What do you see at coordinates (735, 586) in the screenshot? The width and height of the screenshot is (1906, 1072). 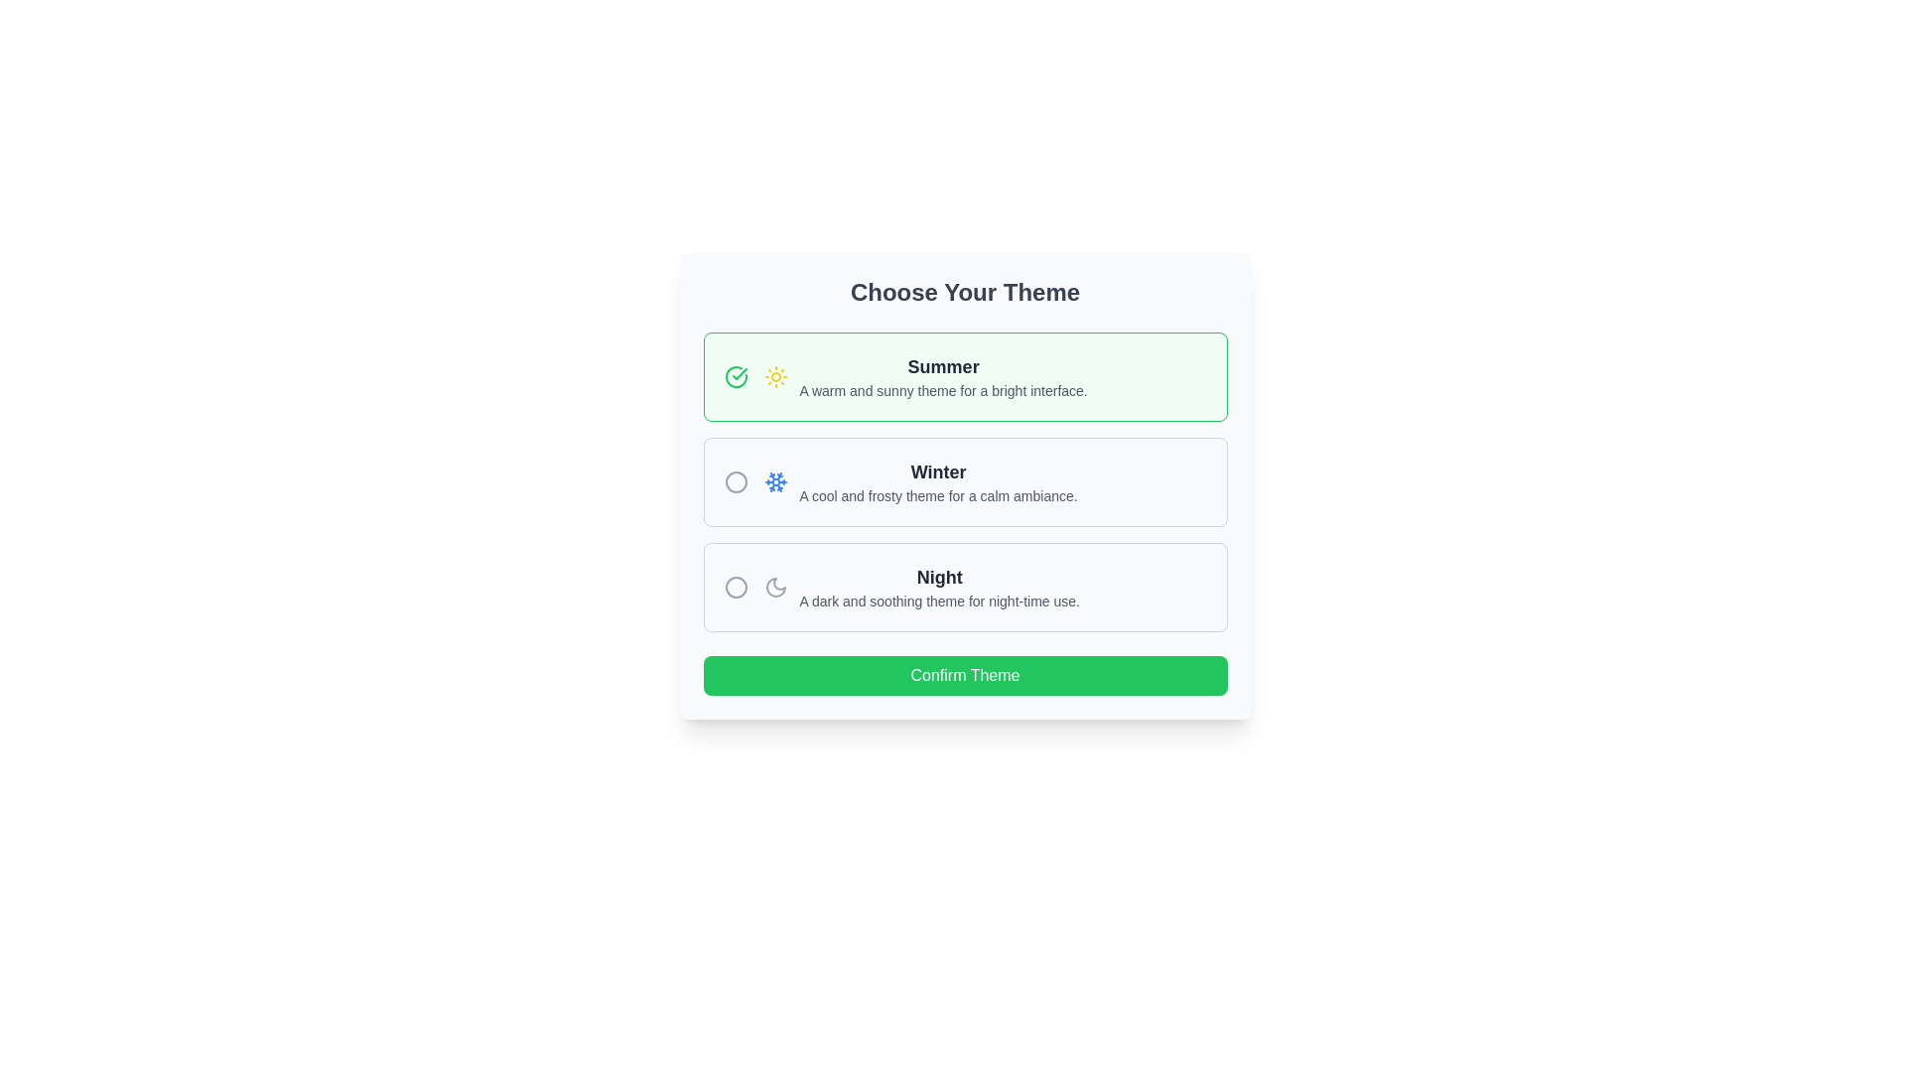 I see `the unselected radio button for the 'Night' option, which is represented as a circle icon with a gray outline, located adjacent to the moon icon and the descriptive text of 'Night'` at bounding box center [735, 586].